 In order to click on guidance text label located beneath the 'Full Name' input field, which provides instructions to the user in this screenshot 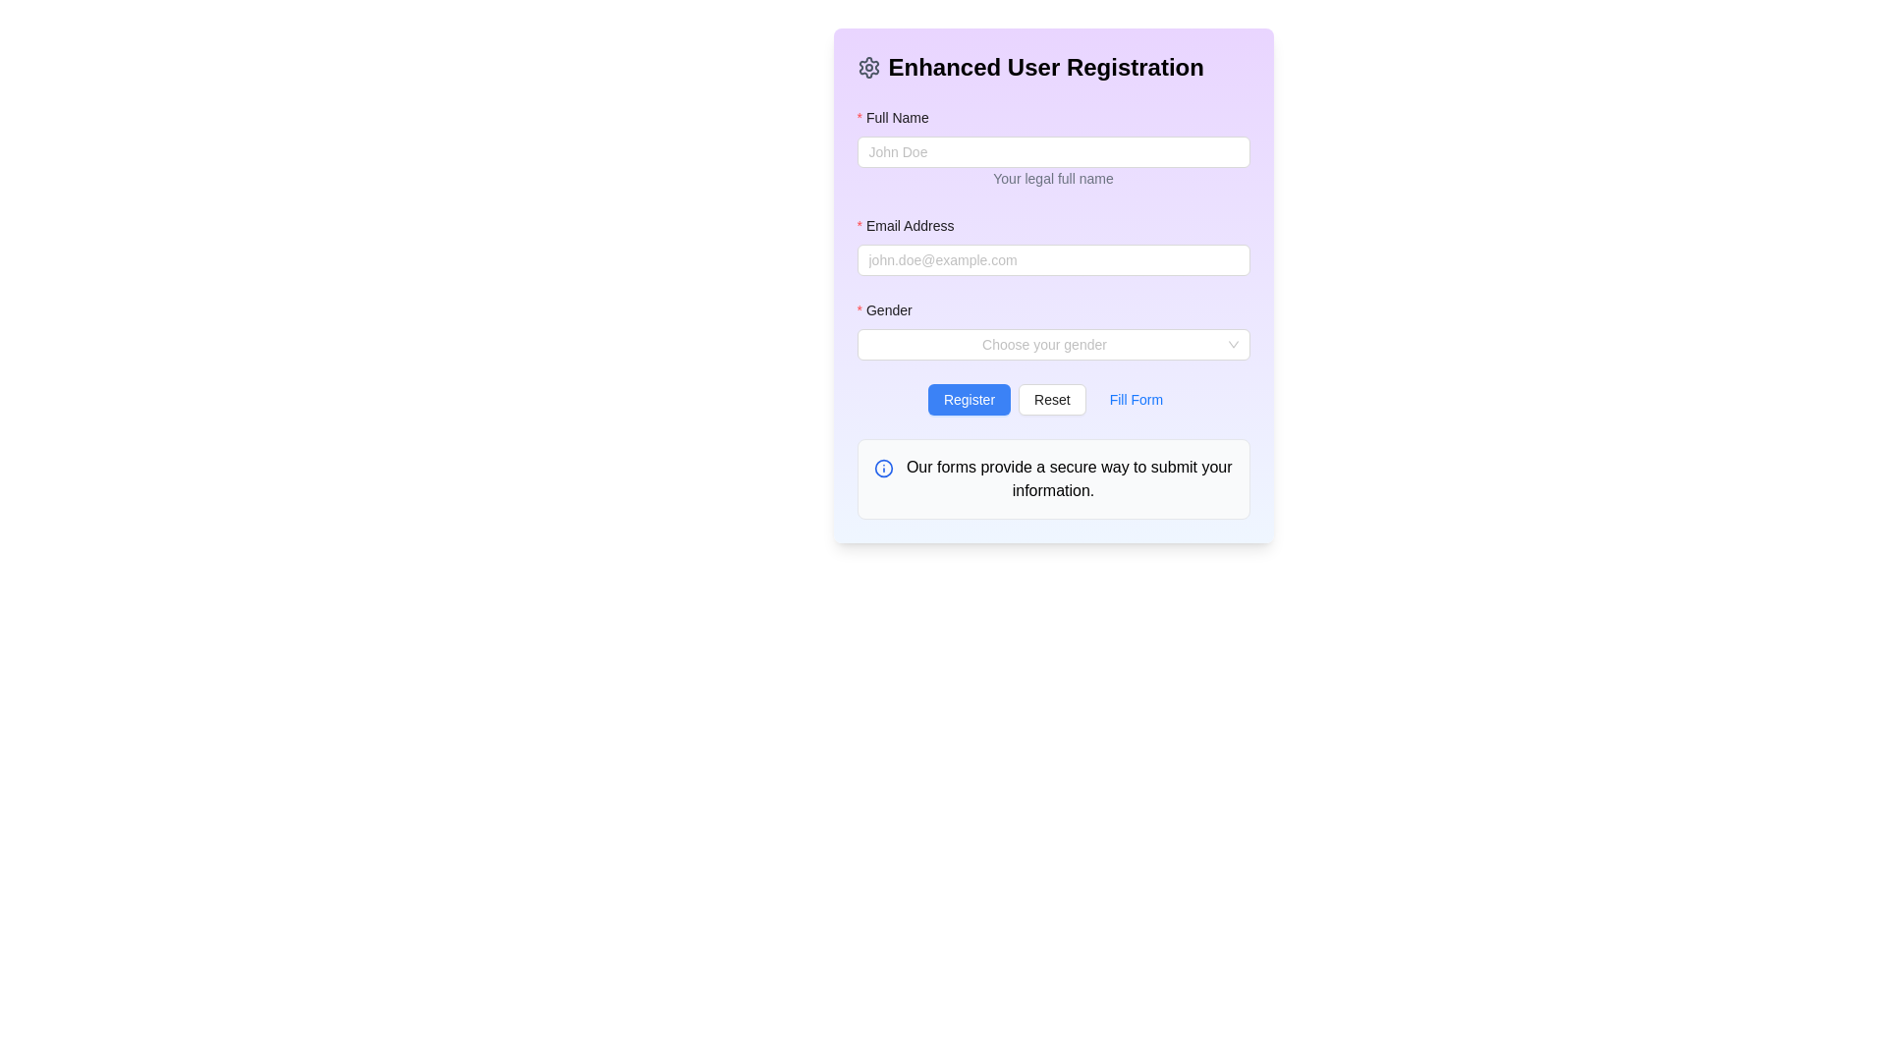, I will do `click(1052, 179)`.